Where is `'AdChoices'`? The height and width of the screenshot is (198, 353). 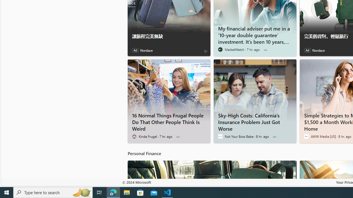 'AdChoices' is located at coordinates (292, 163).